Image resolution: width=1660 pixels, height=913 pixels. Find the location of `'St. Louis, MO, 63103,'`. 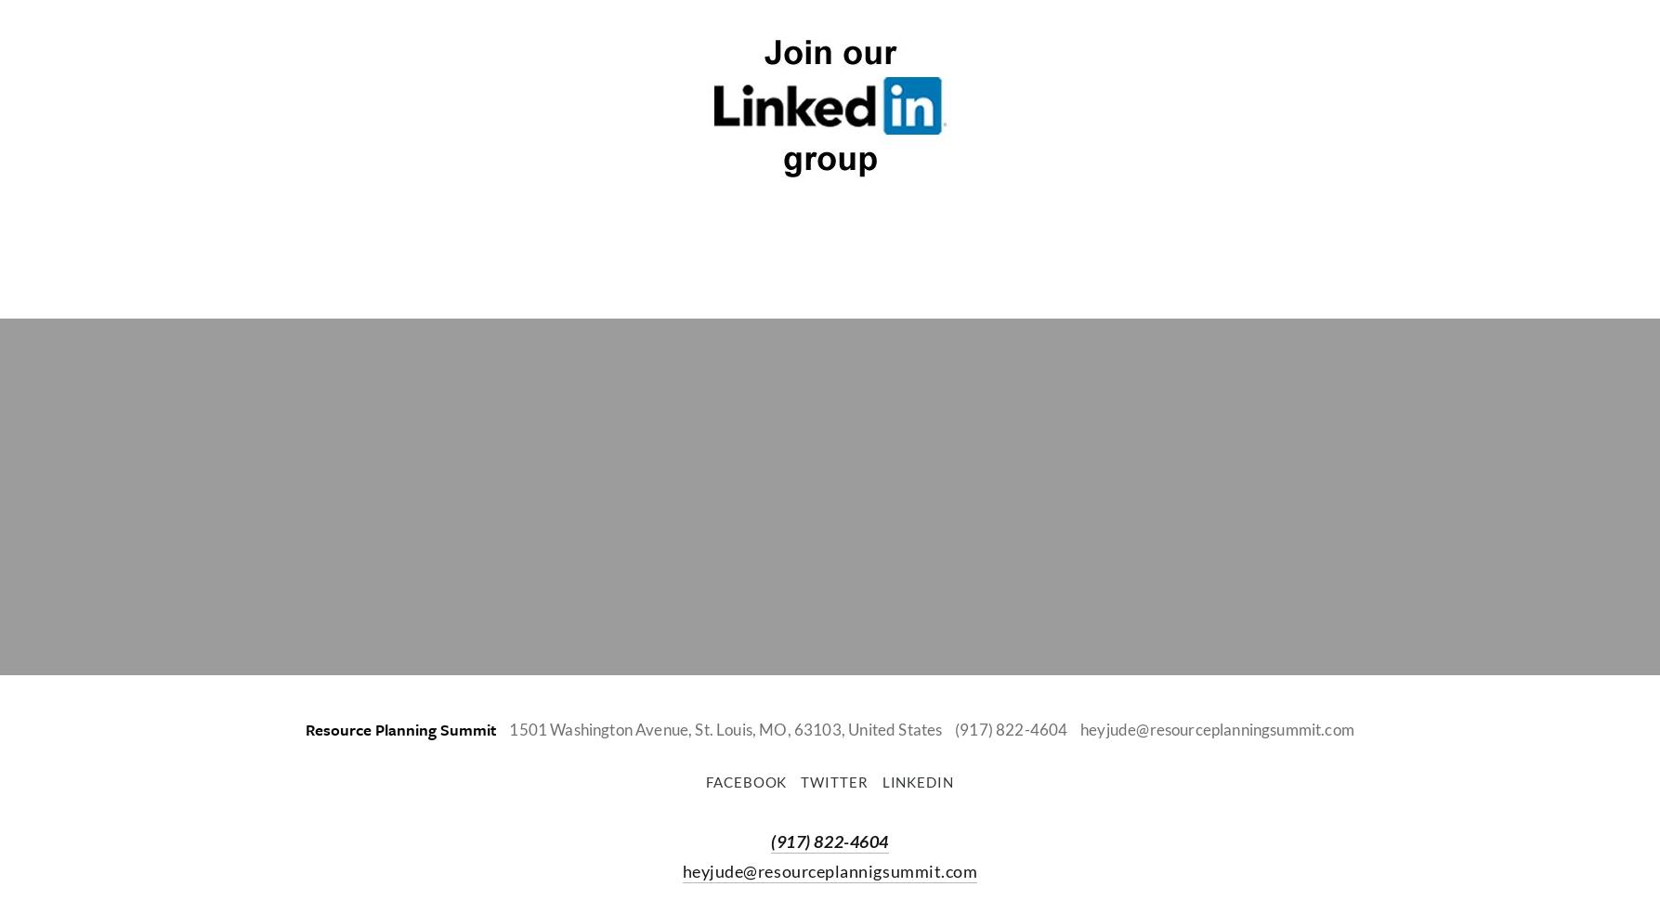

'St. Louis, MO, 63103,' is located at coordinates (769, 728).